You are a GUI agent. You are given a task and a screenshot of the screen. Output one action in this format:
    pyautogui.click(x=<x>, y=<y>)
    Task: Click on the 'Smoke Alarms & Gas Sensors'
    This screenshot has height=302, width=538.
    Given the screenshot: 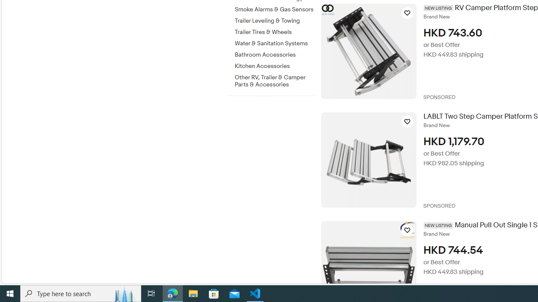 What is the action you would take?
    pyautogui.click(x=274, y=10)
    